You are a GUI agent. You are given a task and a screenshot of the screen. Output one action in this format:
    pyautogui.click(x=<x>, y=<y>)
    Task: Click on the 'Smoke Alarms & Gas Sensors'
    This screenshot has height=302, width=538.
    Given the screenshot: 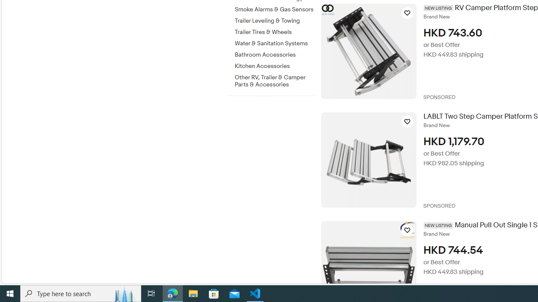 What is the action you would take?
    pyautogui.click(x=274, y=10)
    